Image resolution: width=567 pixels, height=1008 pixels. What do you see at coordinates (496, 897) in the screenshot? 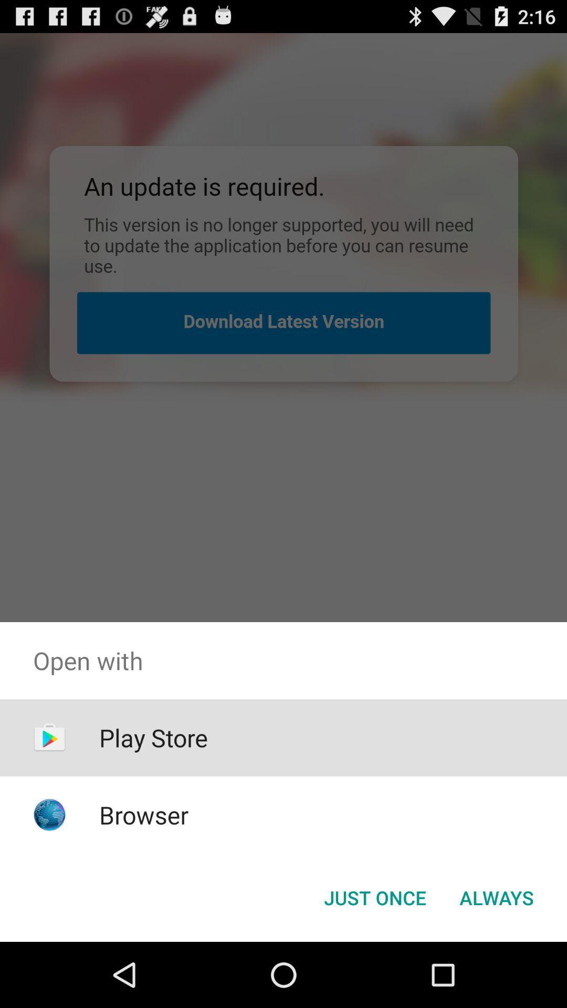
I see `the icon to the right of the just once button` at bounding box center [496, 897].